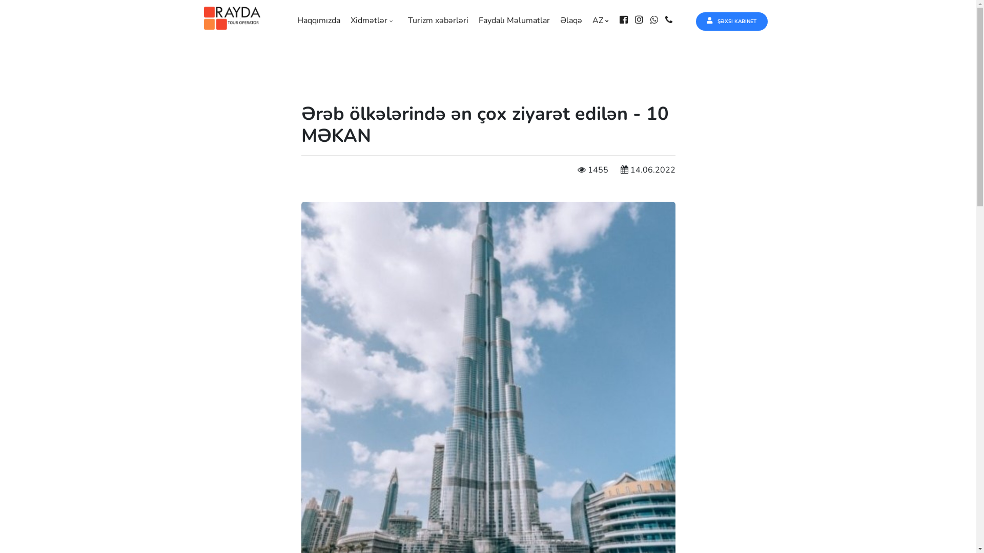 The height and width of the screenshot is (553, 984). What do you see at coordinates (626, 20) in the screenshot?
I see `'facebook'` at bounding box center [626, 20].